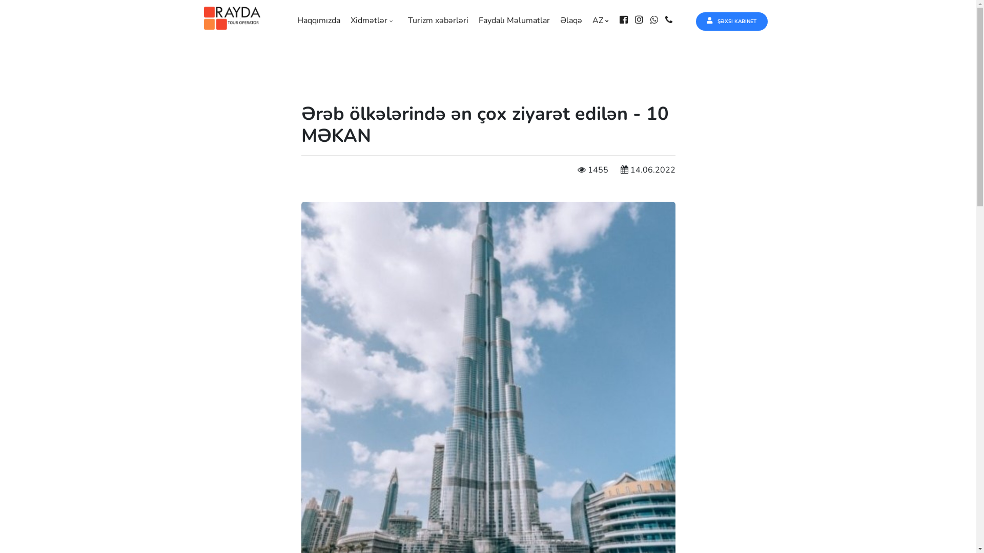 The height and width of the screenshot is (553, 984). What do you see at coordinates (626, 20) in the screenshot?
I see `'facebook'` at bounding box center [626, 20].